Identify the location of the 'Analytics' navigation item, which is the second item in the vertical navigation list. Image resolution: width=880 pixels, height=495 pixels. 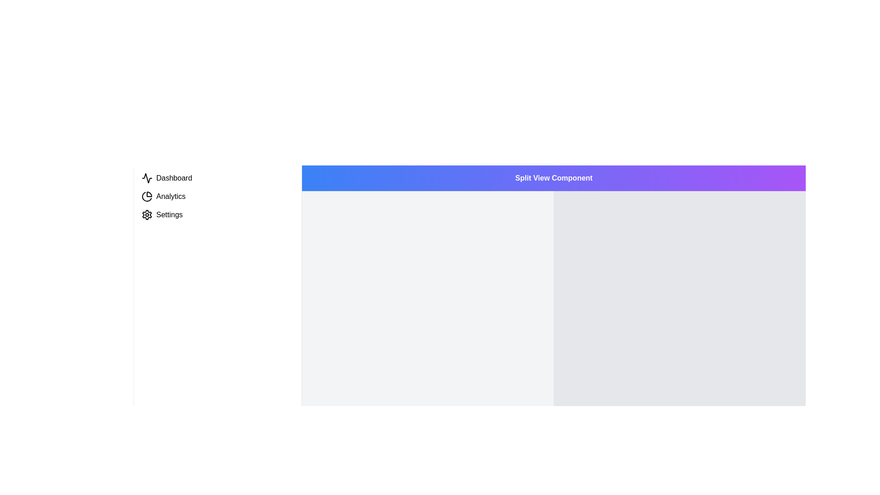
(217, 196).